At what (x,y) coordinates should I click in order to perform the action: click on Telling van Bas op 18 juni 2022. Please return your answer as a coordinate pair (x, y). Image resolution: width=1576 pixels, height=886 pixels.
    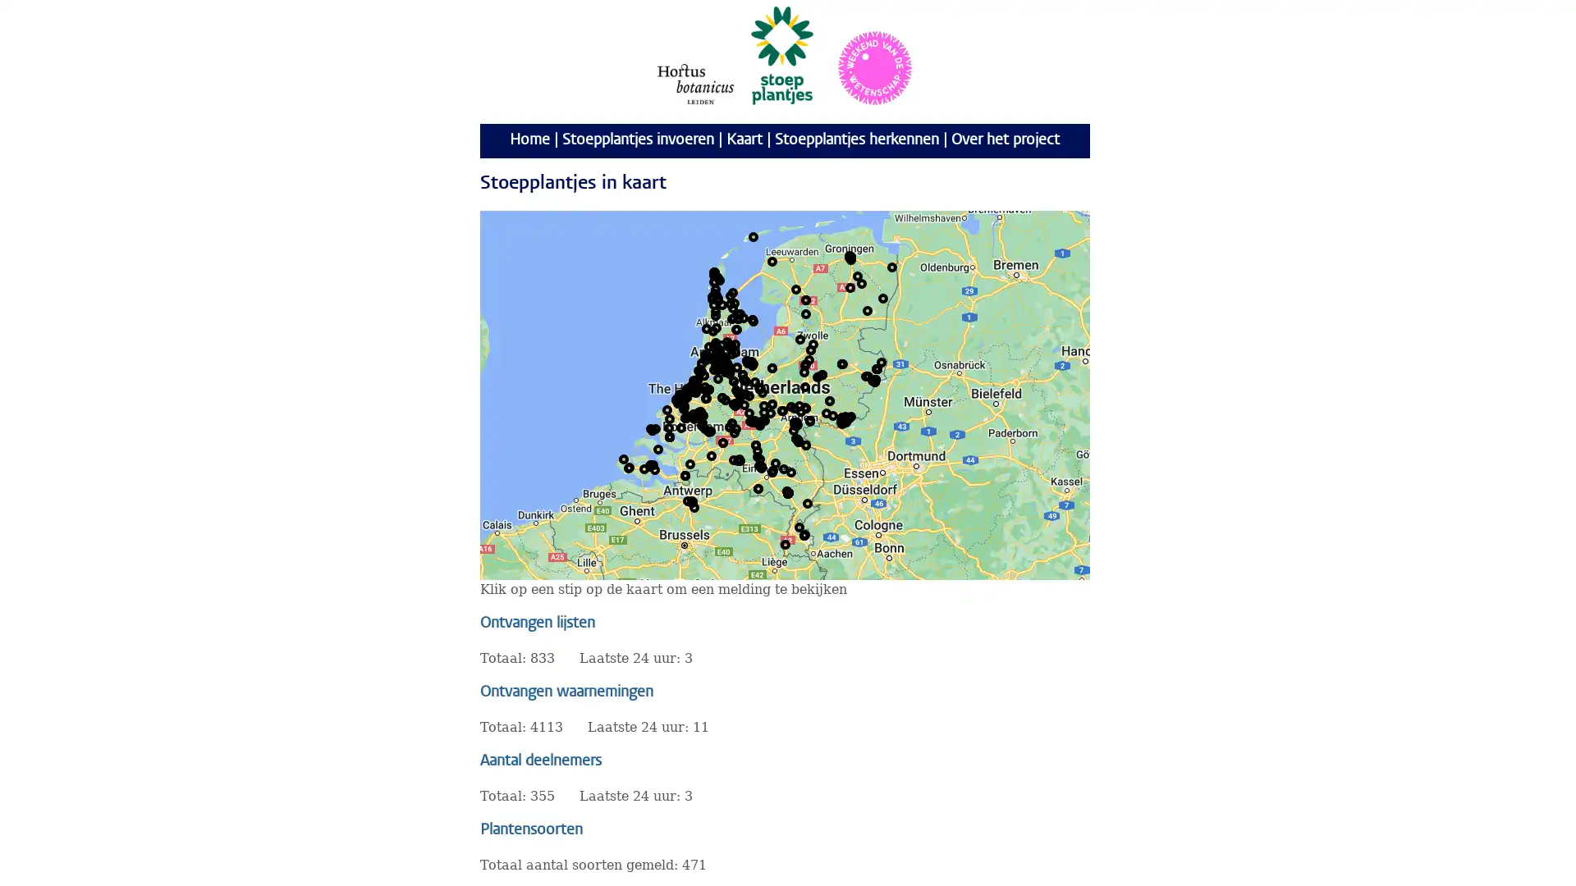
    Looking at the image, I should click on (795, 423).